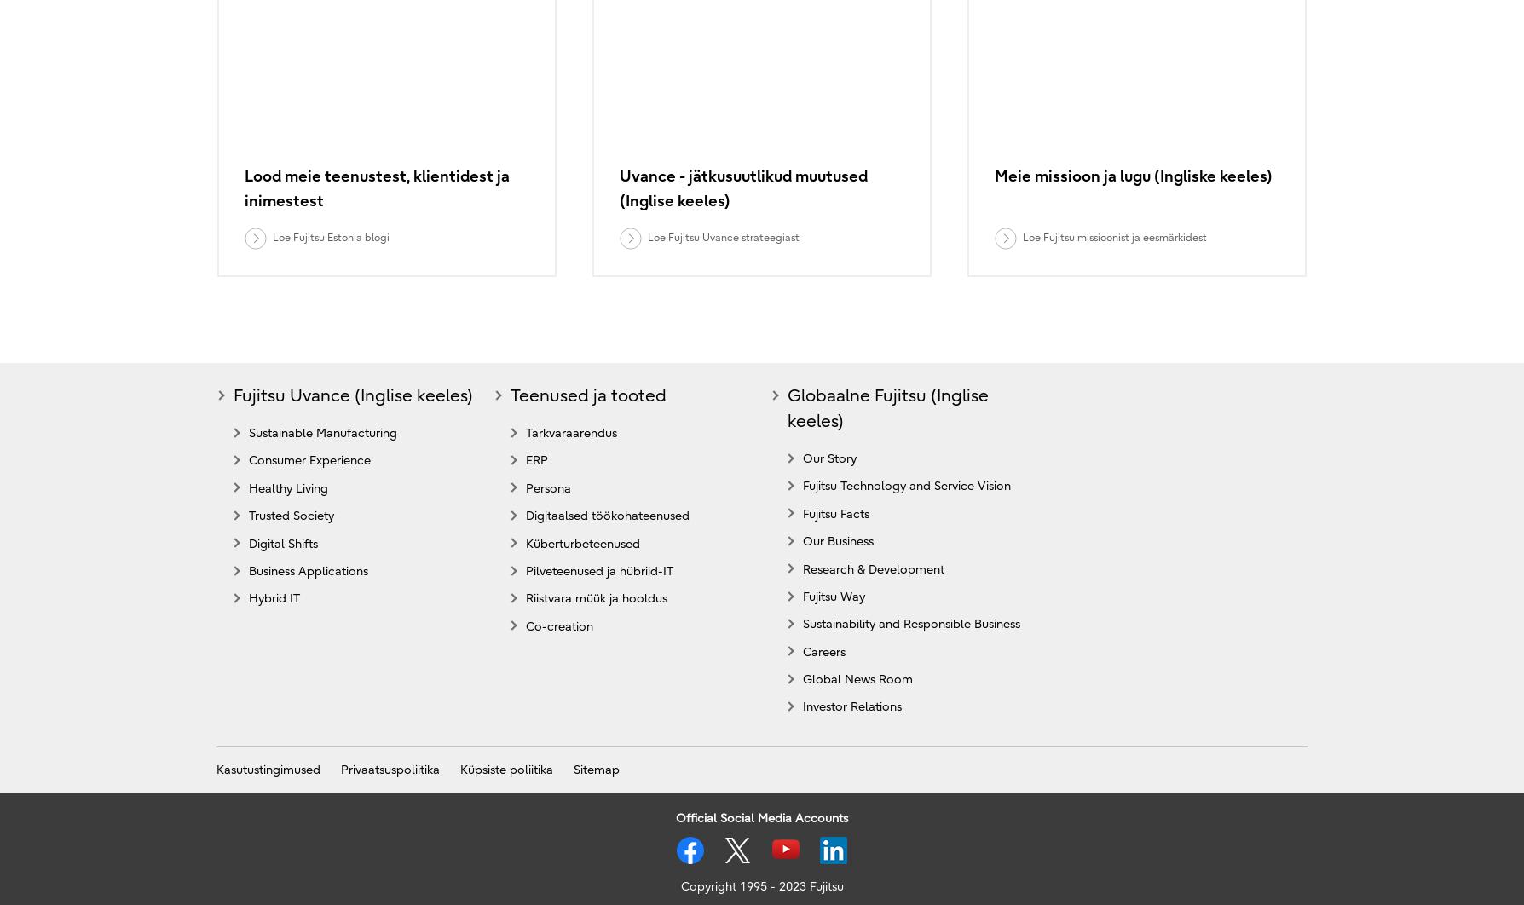 Image resolution: width=1524 pixels, height=905 pixels. Describe the element at coordinates (607, 516) in the screenshot. I see `'Digitaalsed töökohateenused'` at that location.